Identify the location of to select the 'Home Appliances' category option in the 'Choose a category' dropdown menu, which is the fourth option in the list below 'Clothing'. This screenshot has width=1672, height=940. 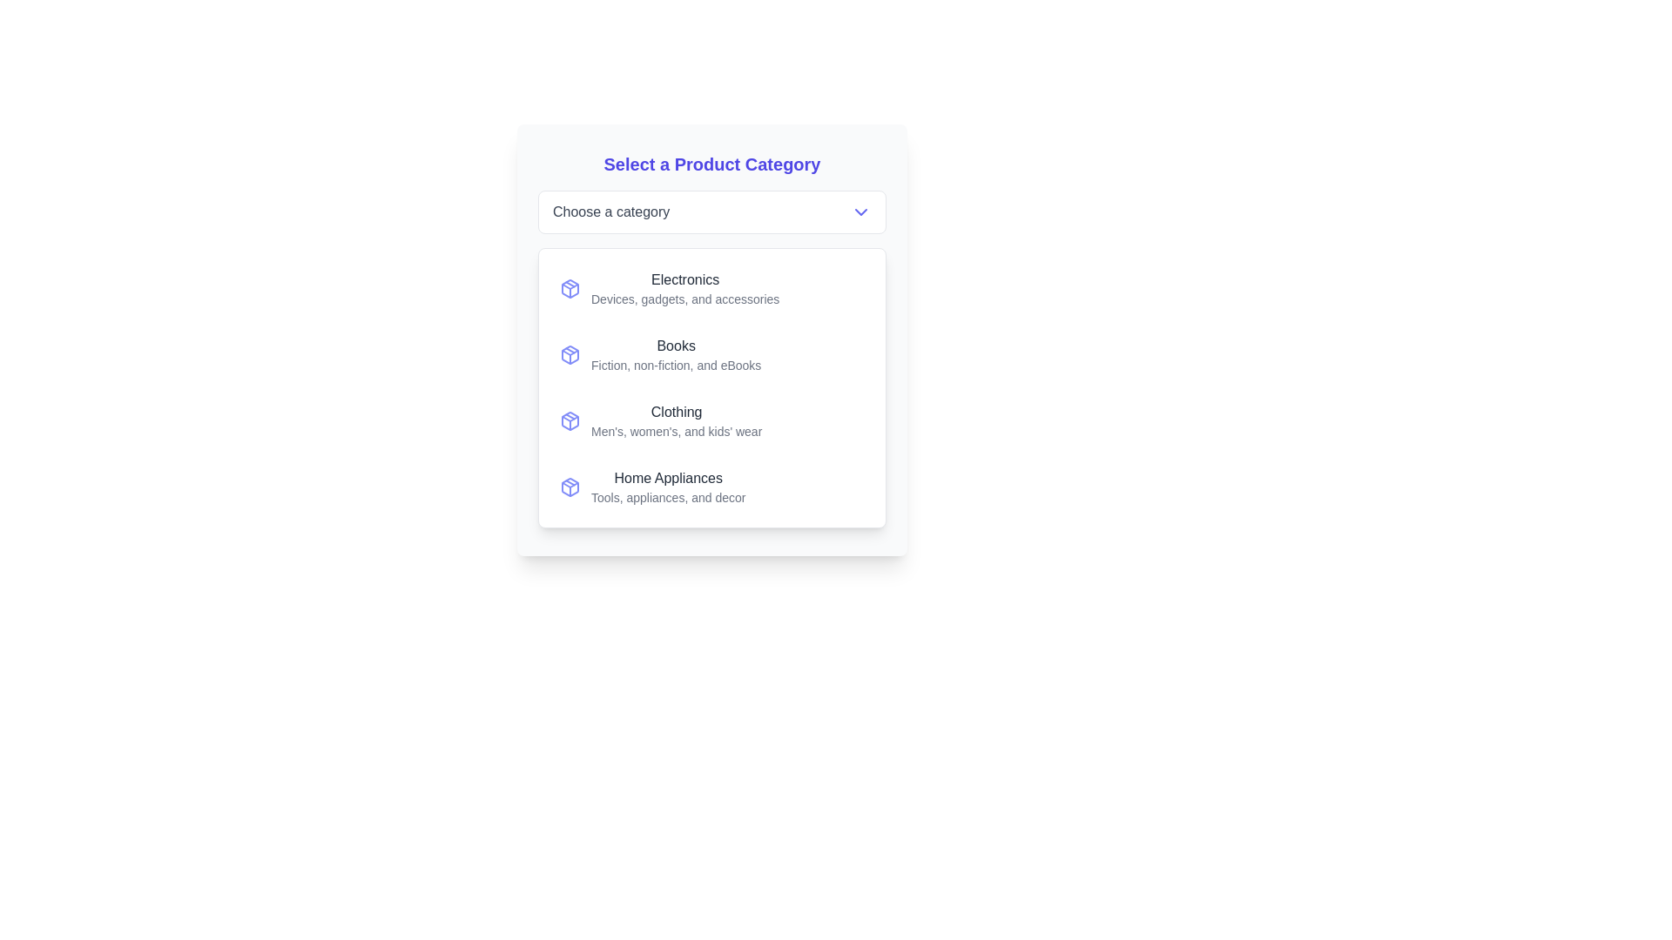
(651, 487).